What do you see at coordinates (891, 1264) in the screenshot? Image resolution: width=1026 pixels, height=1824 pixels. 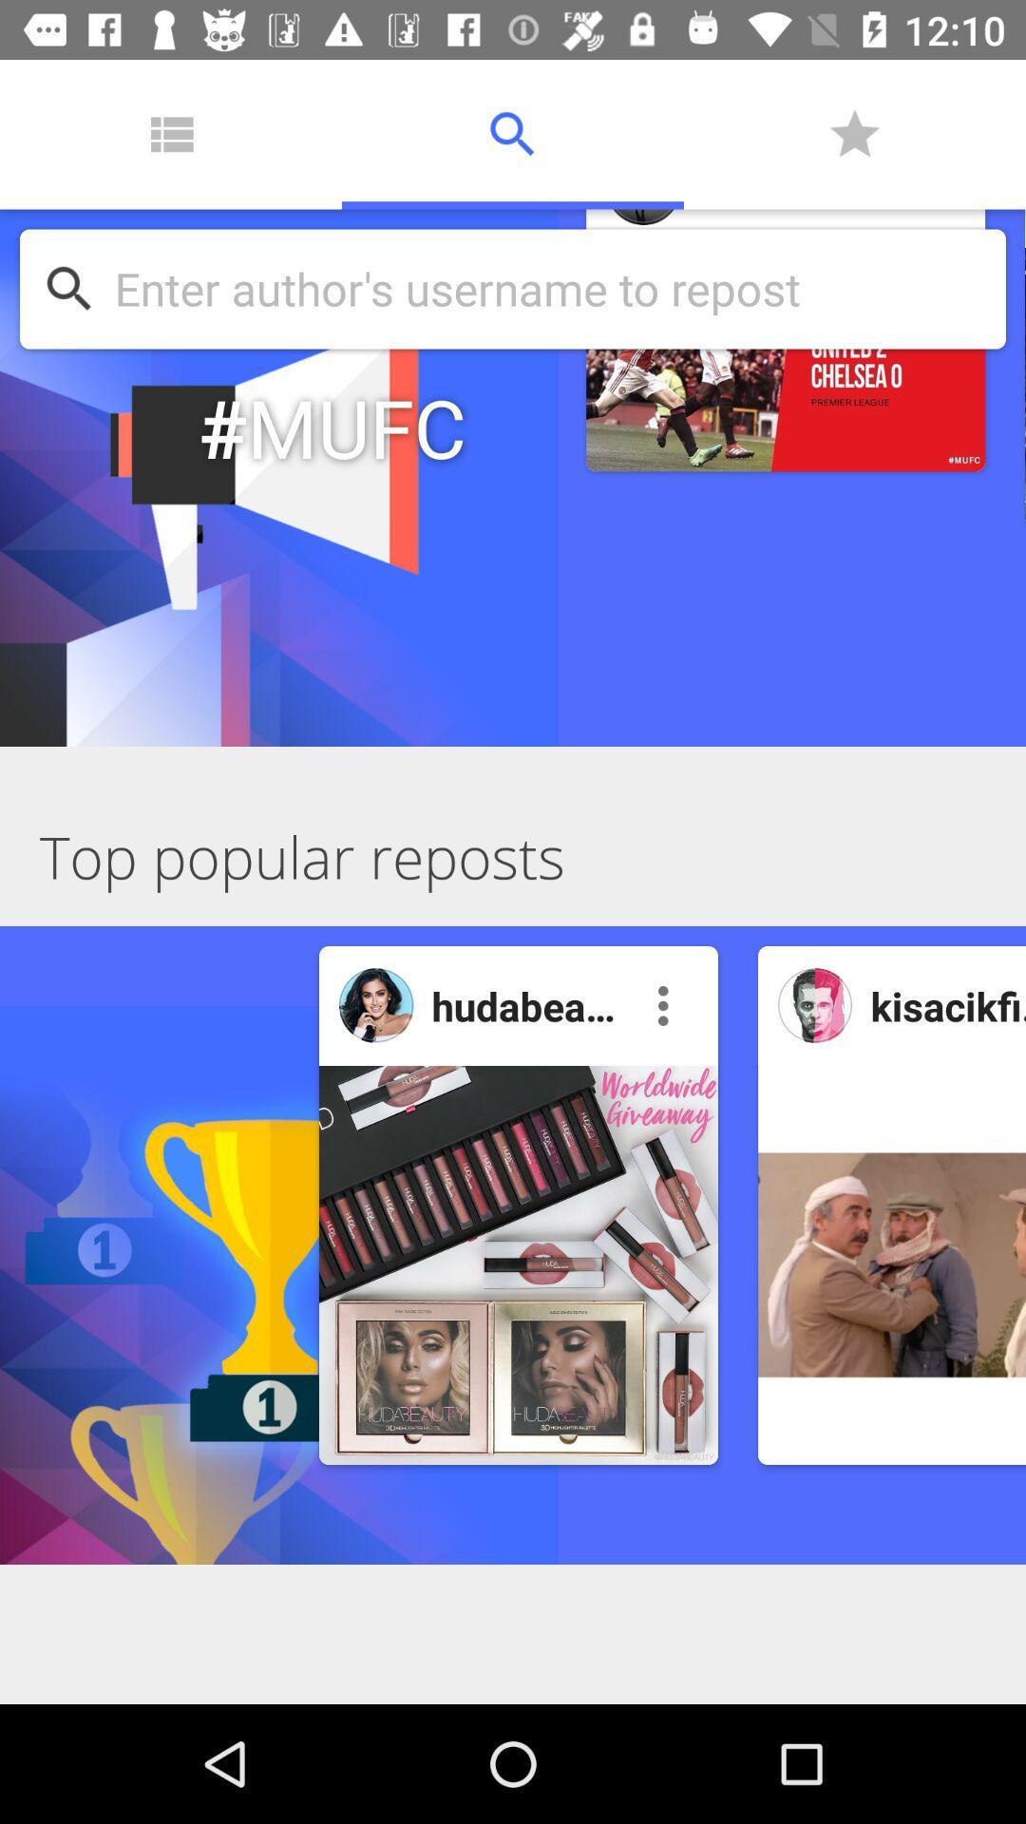 I see `open` at bounding box center [891, 1264].